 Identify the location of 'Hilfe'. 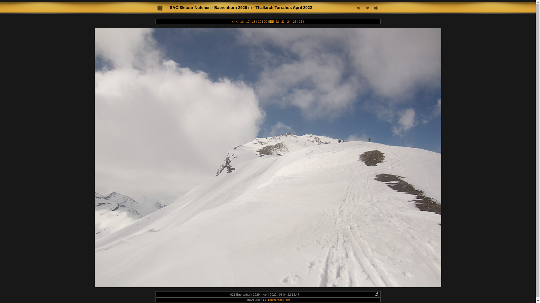
(287, 299).